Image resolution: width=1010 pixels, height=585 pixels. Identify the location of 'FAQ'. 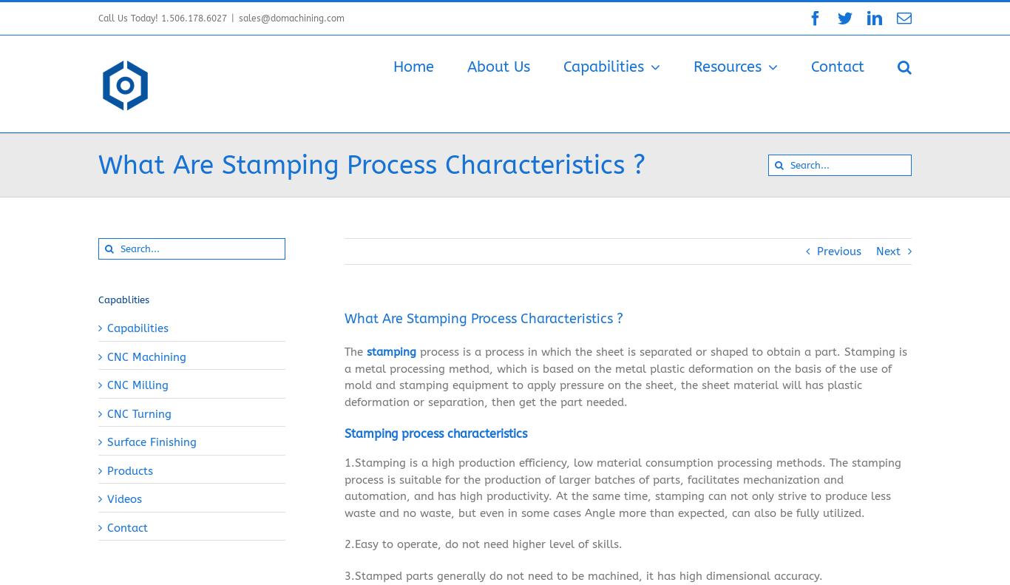
(719, 140).